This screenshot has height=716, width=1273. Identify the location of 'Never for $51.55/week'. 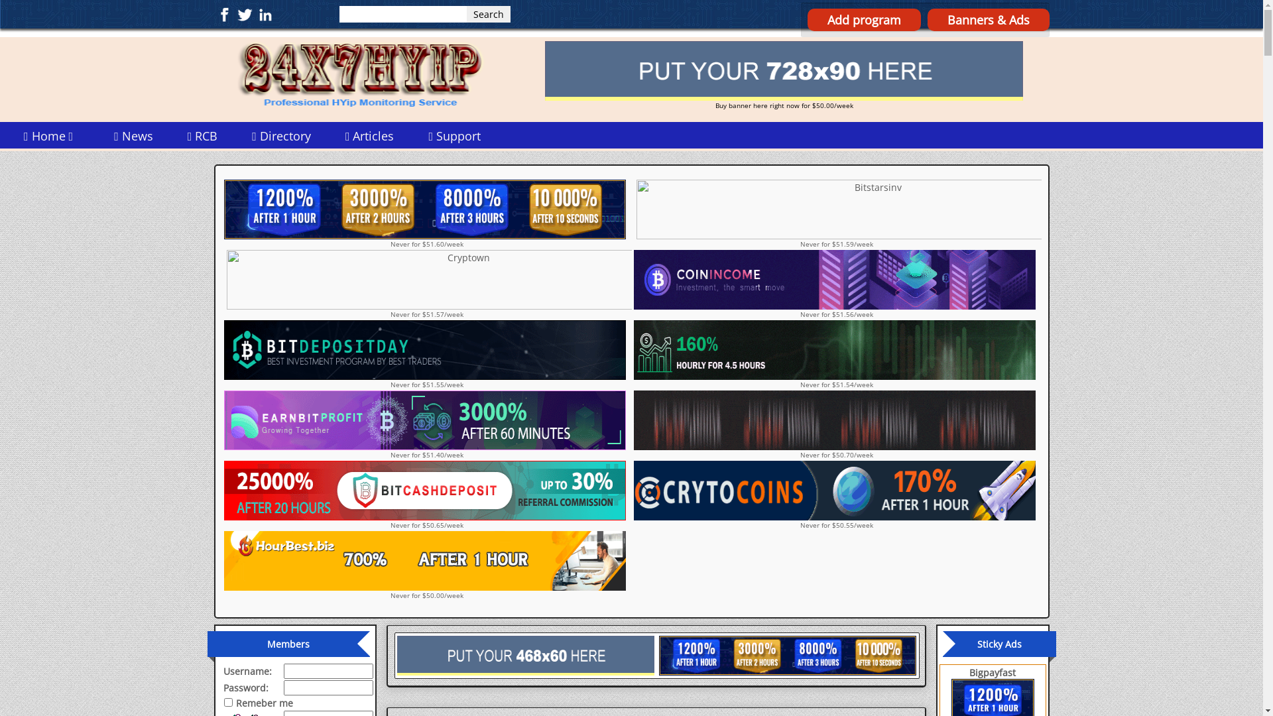
(426, 354).